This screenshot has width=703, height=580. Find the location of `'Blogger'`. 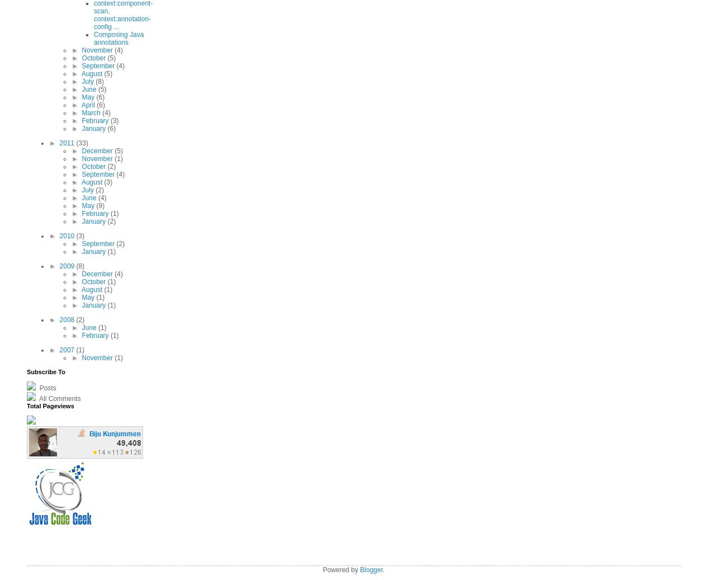

'Blogger' is located at coordinates (371, 569).